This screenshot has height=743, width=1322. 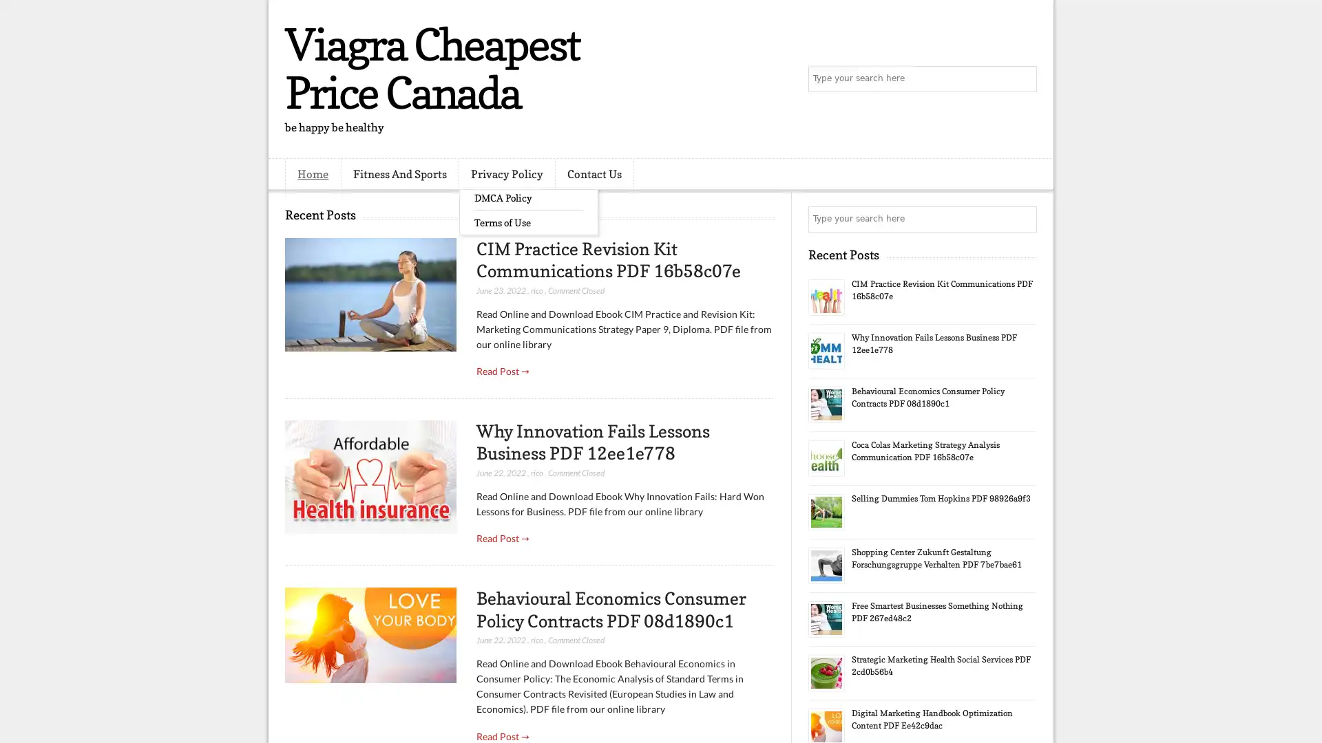 I want to click on Search, so click(x=1022, y=219).